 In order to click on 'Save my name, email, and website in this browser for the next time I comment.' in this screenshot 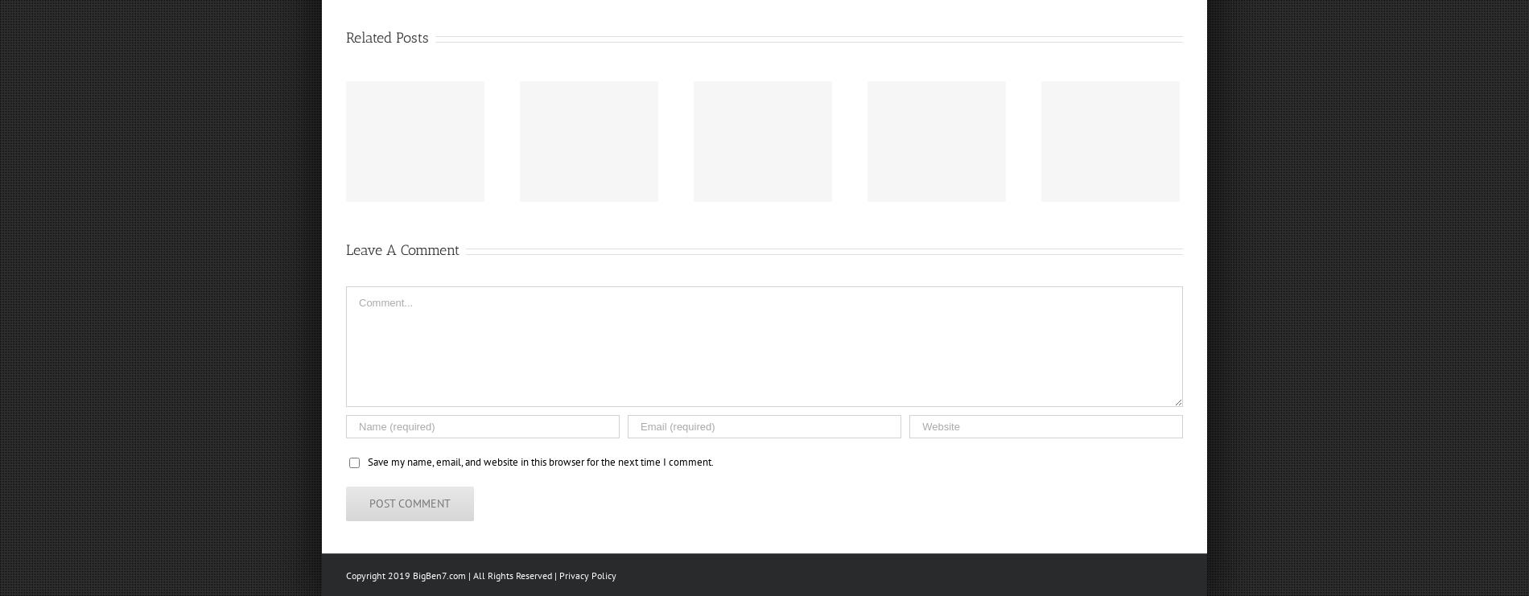, I will do `click(541, 461)`.